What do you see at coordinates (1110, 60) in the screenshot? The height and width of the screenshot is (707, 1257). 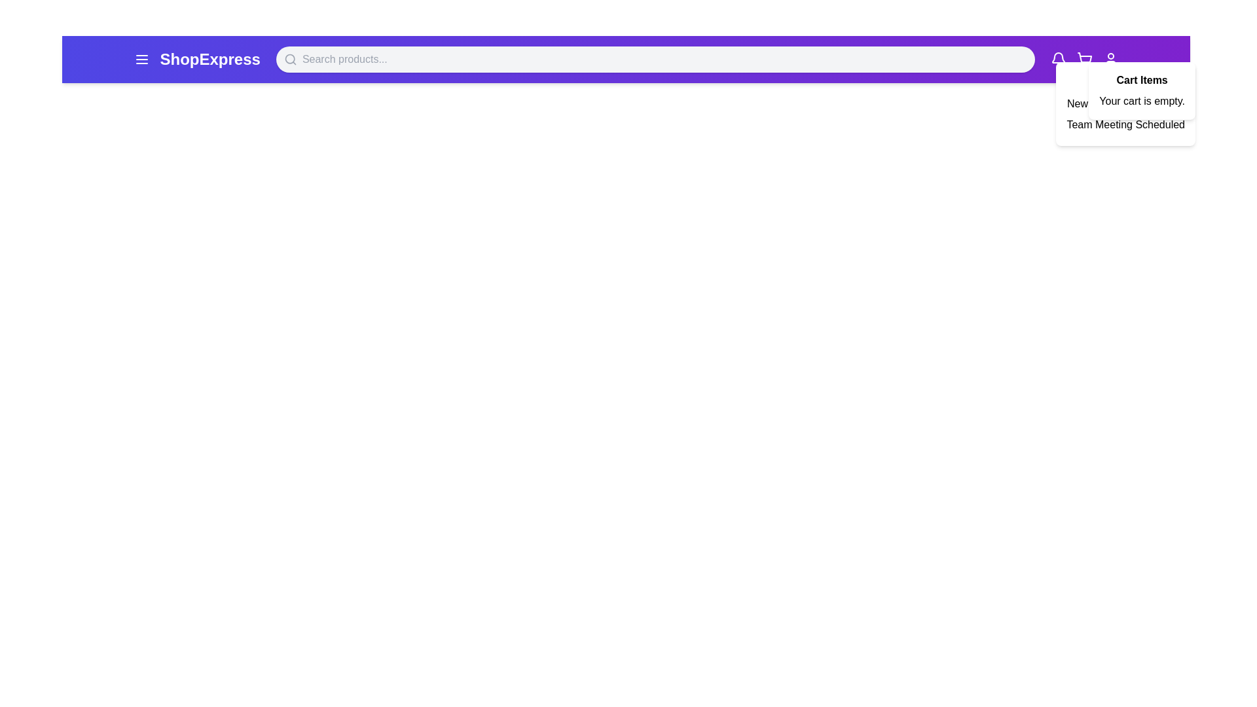 I see `the user icon to open the user-related actions menu` at bounding box center [1110, 60].